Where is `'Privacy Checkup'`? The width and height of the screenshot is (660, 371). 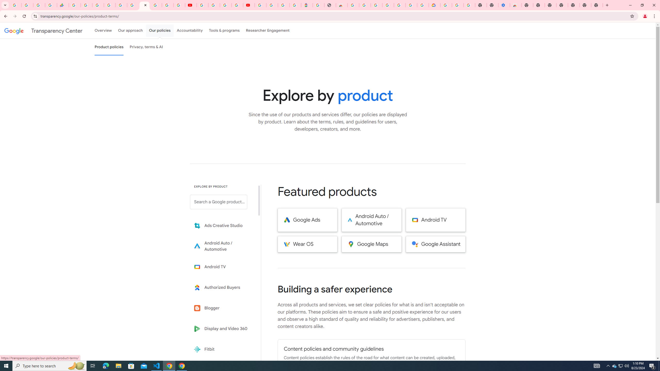
'Privacy Checkup' is located at coordinates (179, 5).